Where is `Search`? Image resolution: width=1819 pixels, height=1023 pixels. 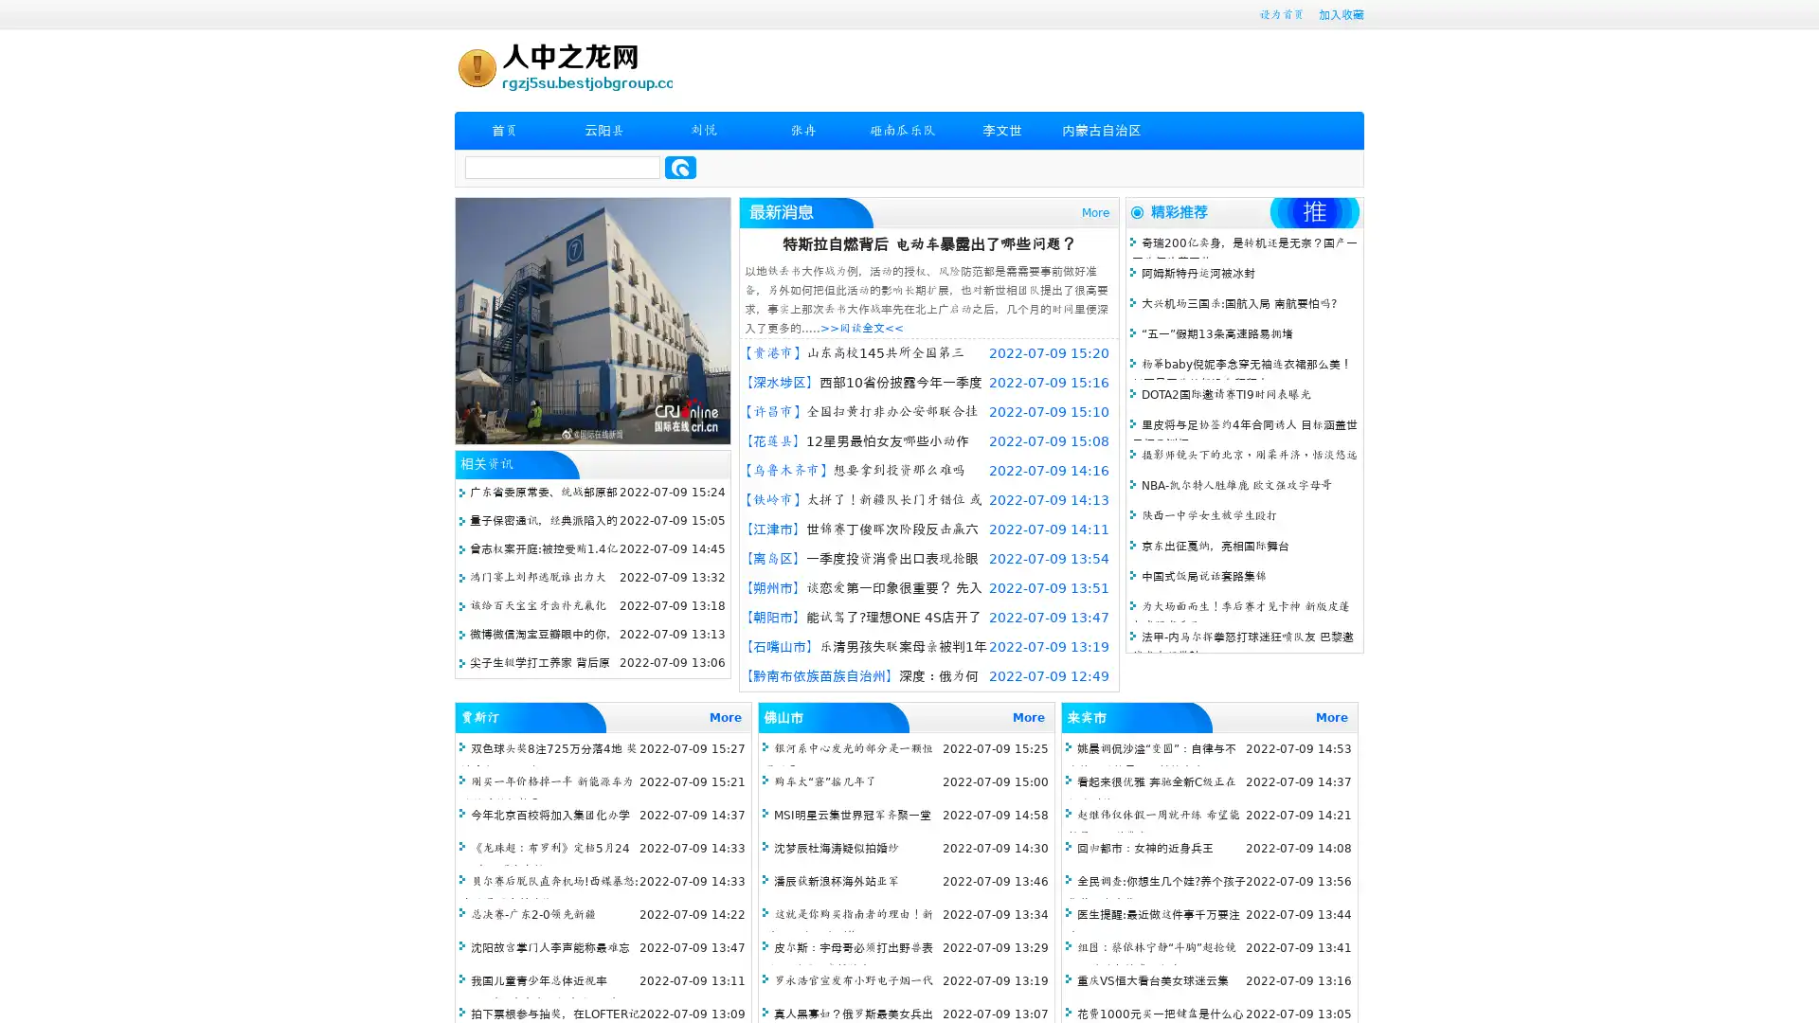 Search is located at coordinates (680, 167).